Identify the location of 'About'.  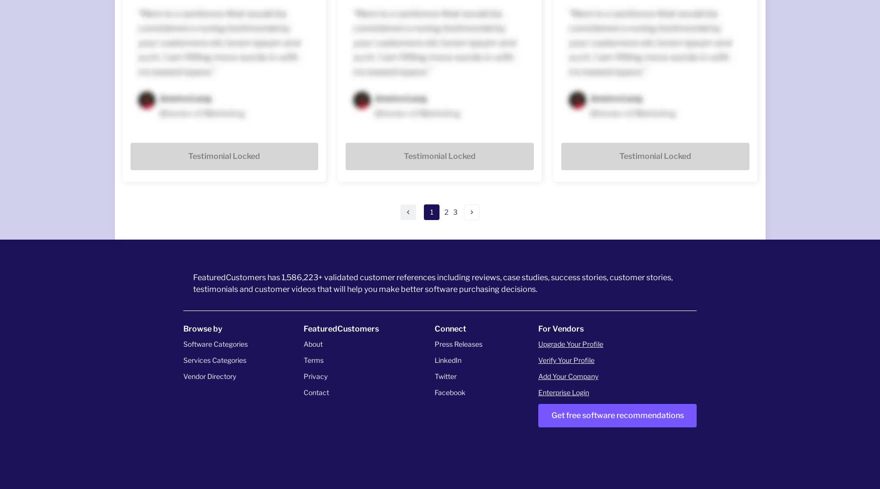
(313, 343).